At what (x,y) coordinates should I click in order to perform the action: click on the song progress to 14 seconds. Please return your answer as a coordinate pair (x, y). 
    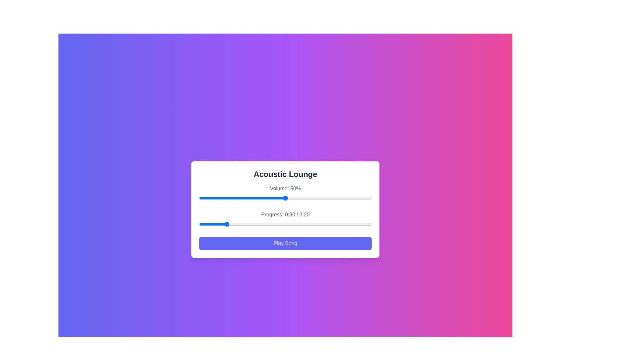
    Looking at the image, I should click on (211, 224).